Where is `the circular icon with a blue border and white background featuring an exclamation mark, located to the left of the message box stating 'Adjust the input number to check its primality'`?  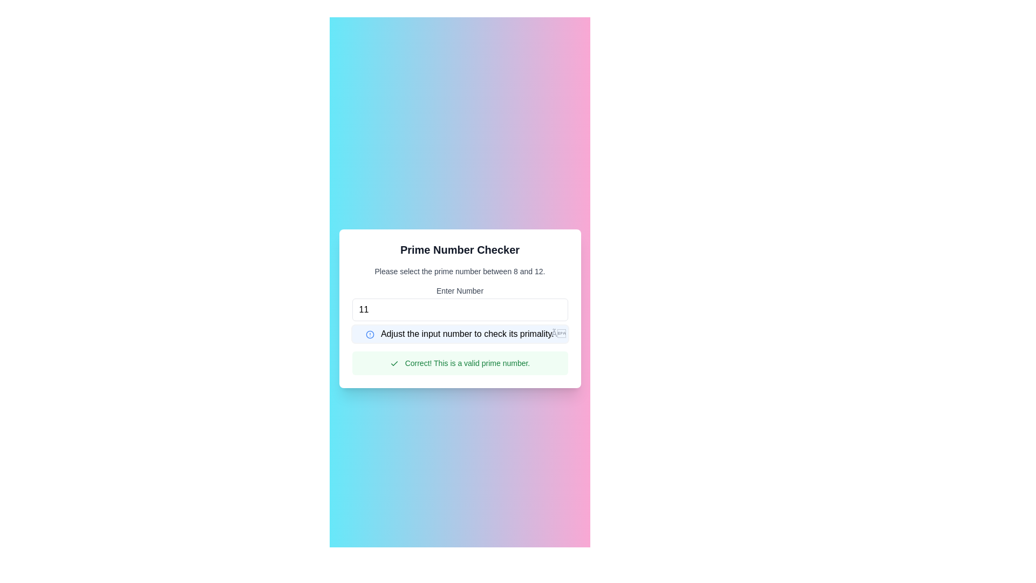 the circular icon with a blue border and white background featuring an exclamation mark, located to the left of the message box stating 'Adjust the input number to check its primality' is located at coordinates (370, 334).